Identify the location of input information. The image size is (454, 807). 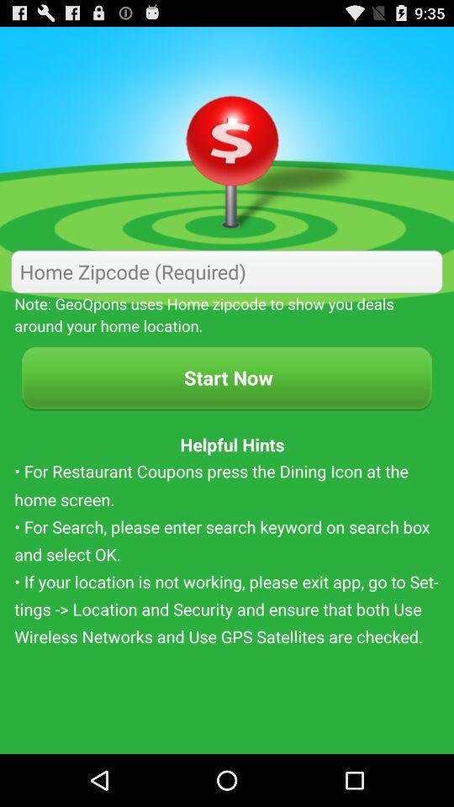
(227, 272).